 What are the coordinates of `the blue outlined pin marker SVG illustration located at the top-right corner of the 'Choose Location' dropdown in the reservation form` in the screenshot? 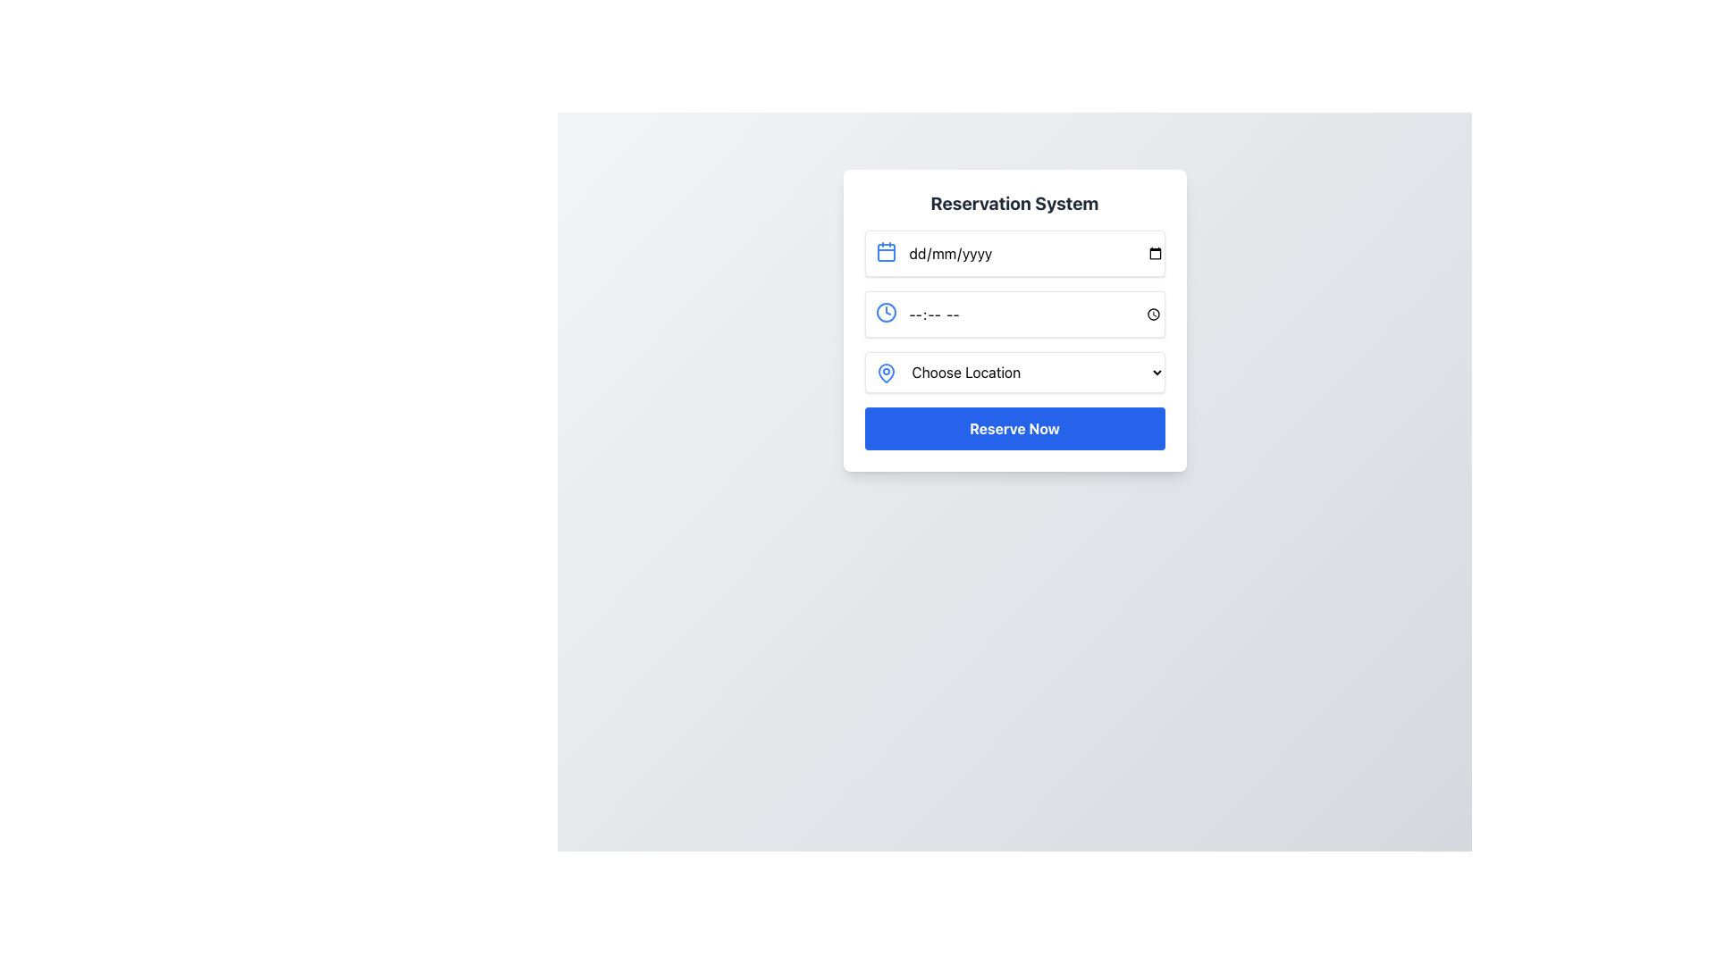 It's located at (886, 372).